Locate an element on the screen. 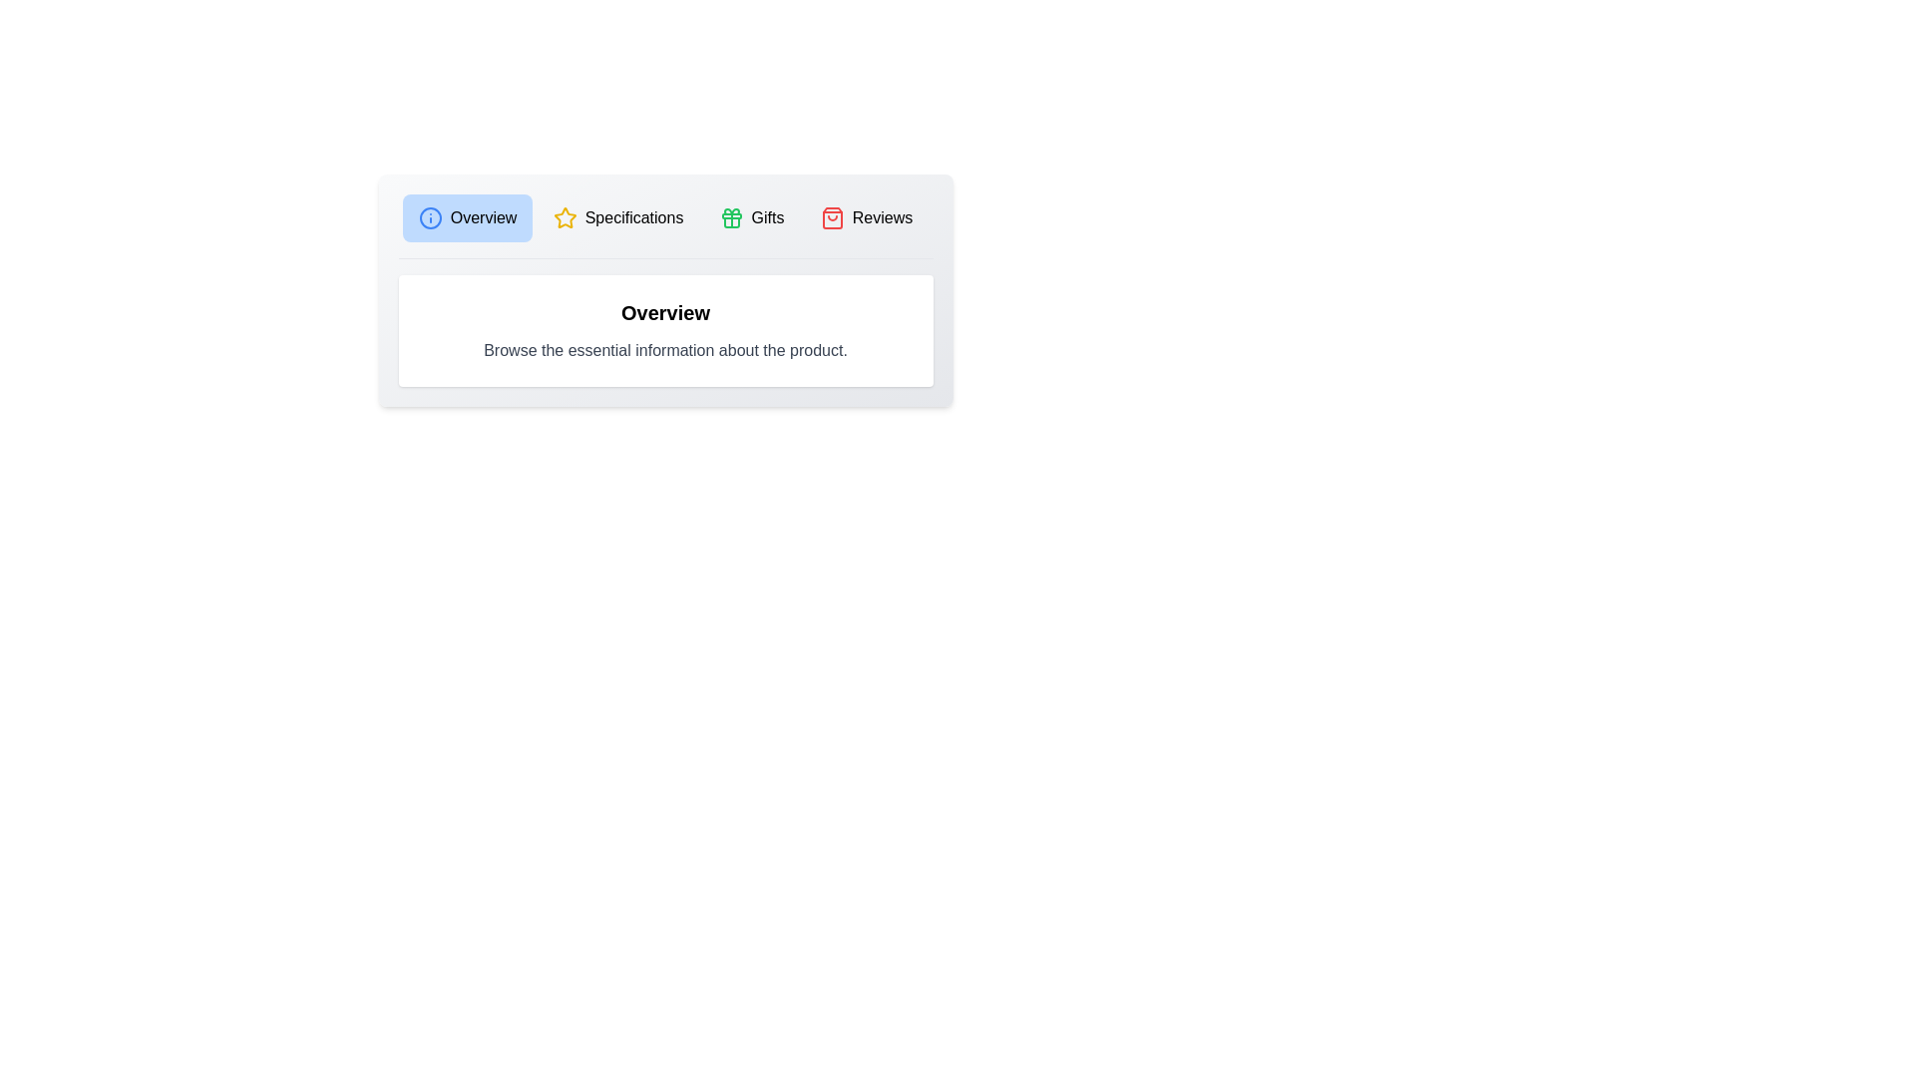  the tab labeled Reviews to observe the transition effect is located at coordinates (866, 218).